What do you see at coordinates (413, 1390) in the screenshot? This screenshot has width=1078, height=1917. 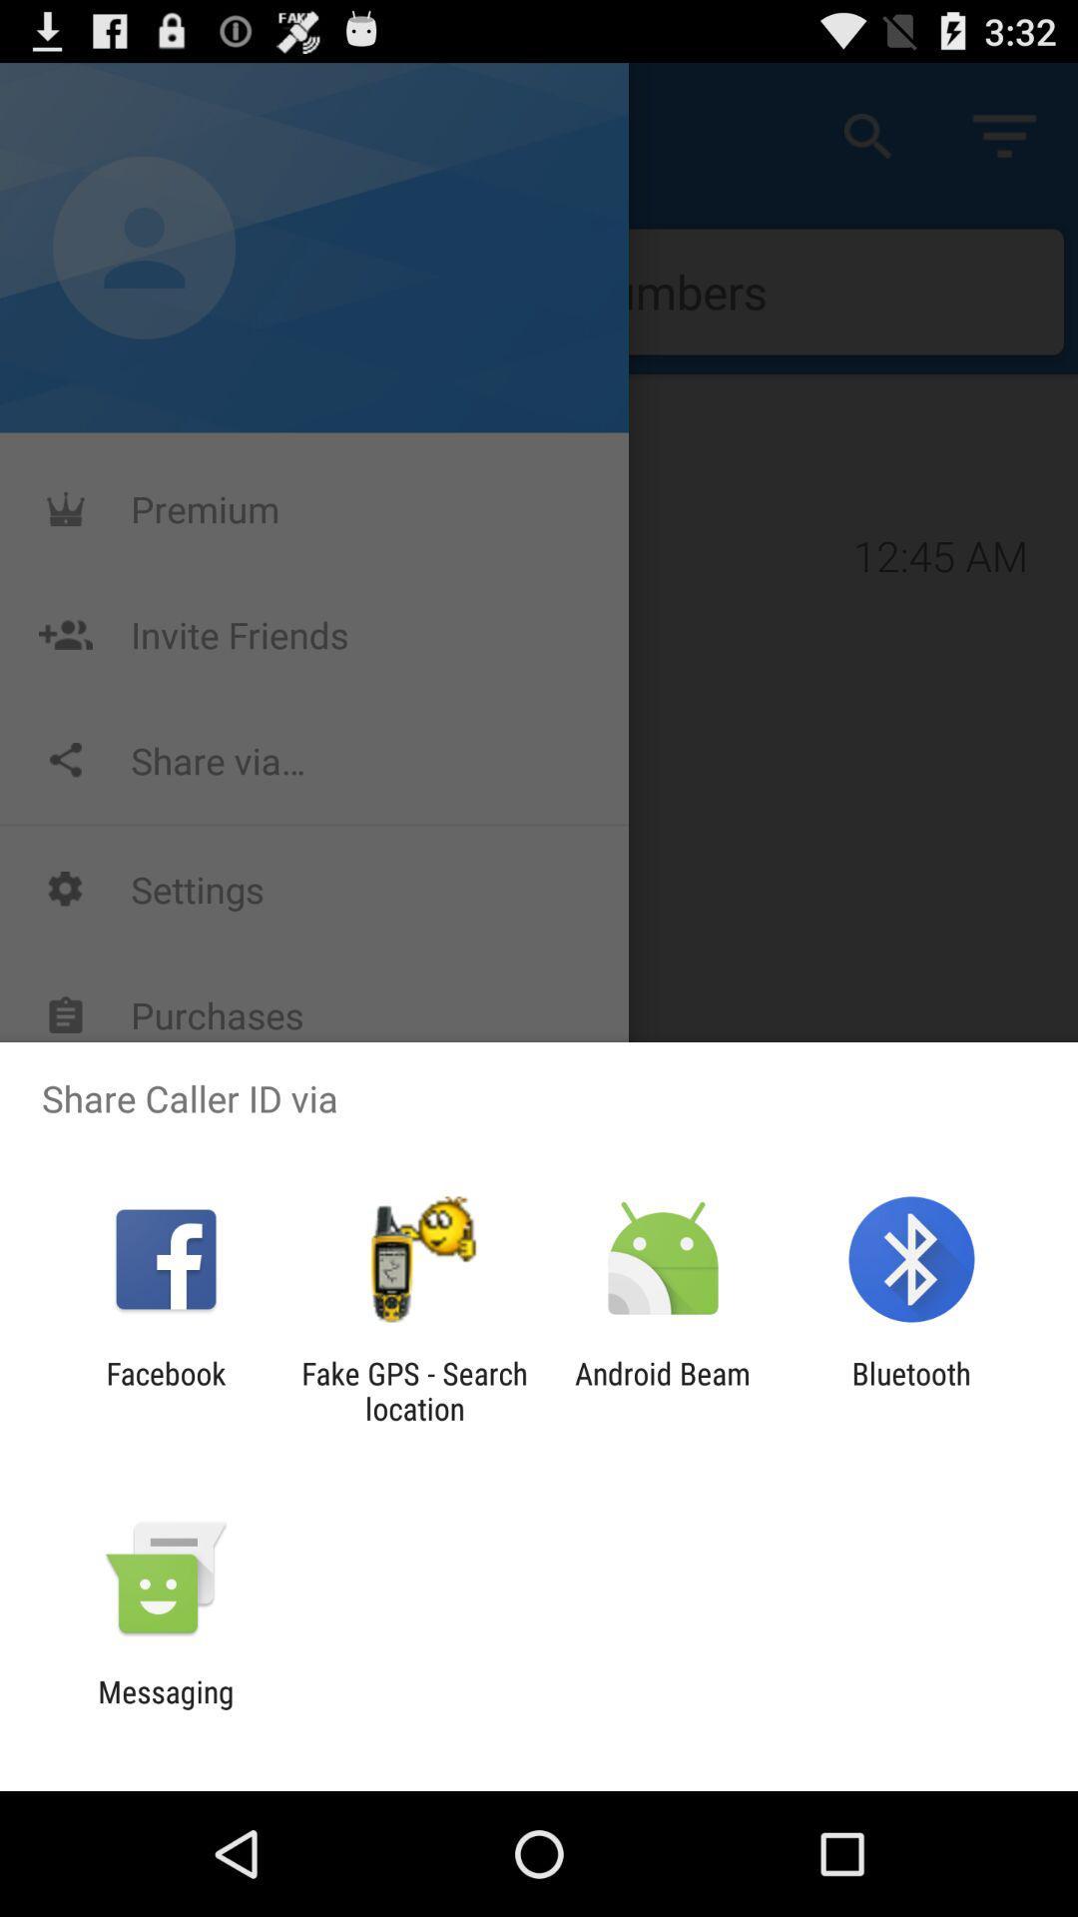 I see `the icon to the right of facebook item` at bounding box center [413, 1390].